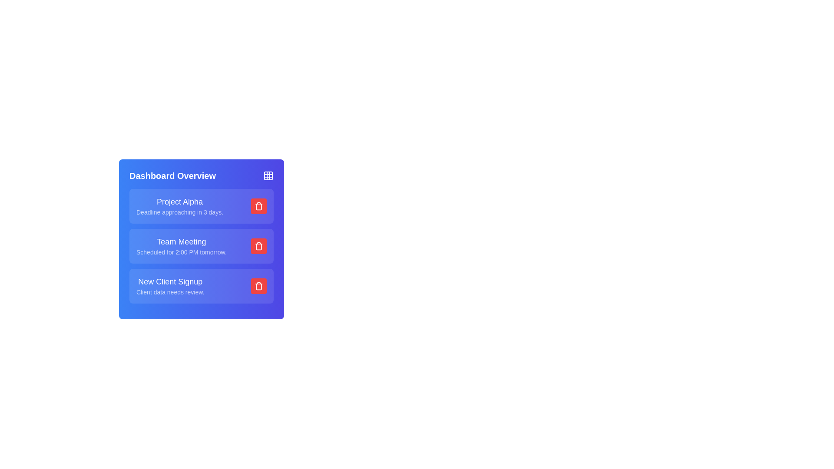  What do you see at coordinates (201, 206) in the screenshot?
I see `the 'Project Alpha' card located at the top of the 'Dashboard Overview' section for further actions` at bounding box center [201, 206].